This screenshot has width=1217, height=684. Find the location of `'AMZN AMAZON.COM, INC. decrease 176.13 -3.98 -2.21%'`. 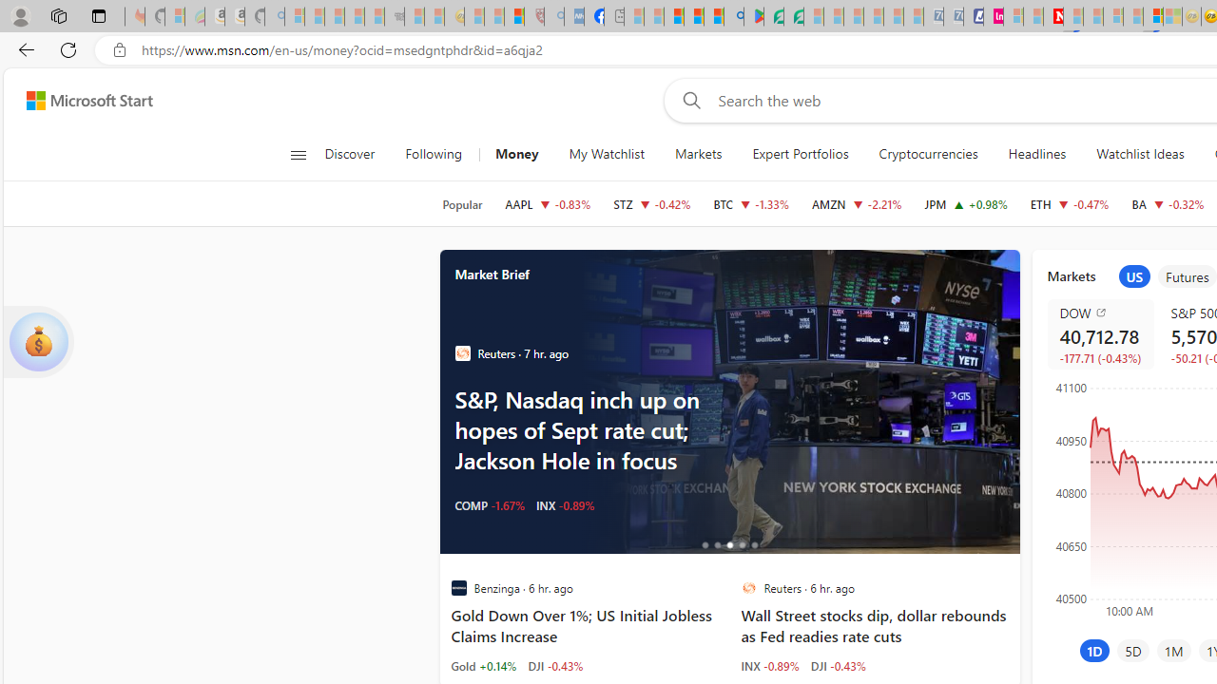

'AMZN AMAZON.COM, INC. decrease 176.13 -3.98 -2.21%' is located at coordinates (856, 203).